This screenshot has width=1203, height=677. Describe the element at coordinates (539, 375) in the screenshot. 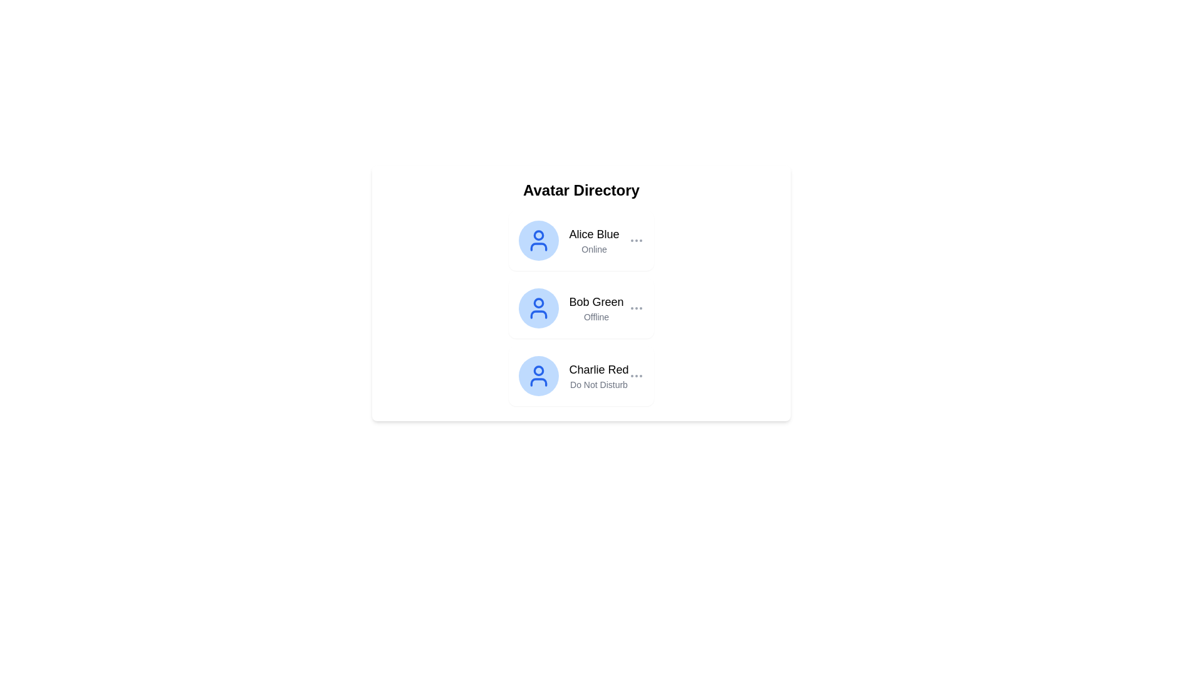

I see `the Avatar icon representing the user 'Charlie Red' located on the card labeled 'Charlie Red' and 'Do Not Disturb', which is the third entry in a stacked list of similar cards` at that location.